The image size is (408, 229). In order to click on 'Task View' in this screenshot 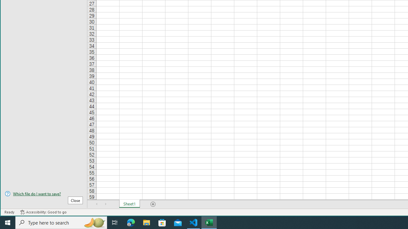, I will do `click(114, 222)`.